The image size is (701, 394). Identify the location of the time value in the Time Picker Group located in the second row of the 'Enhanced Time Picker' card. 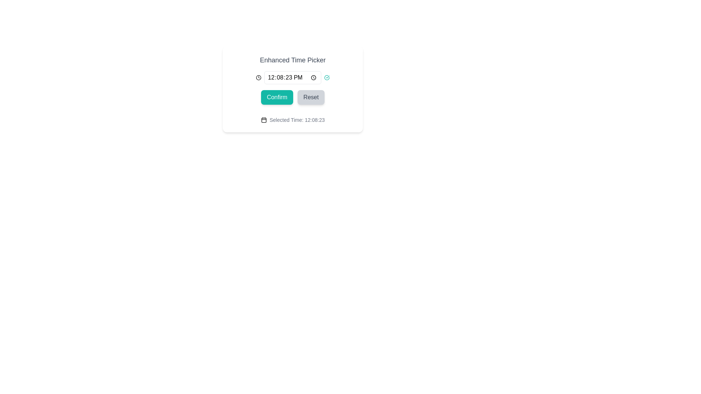
(292, 77).